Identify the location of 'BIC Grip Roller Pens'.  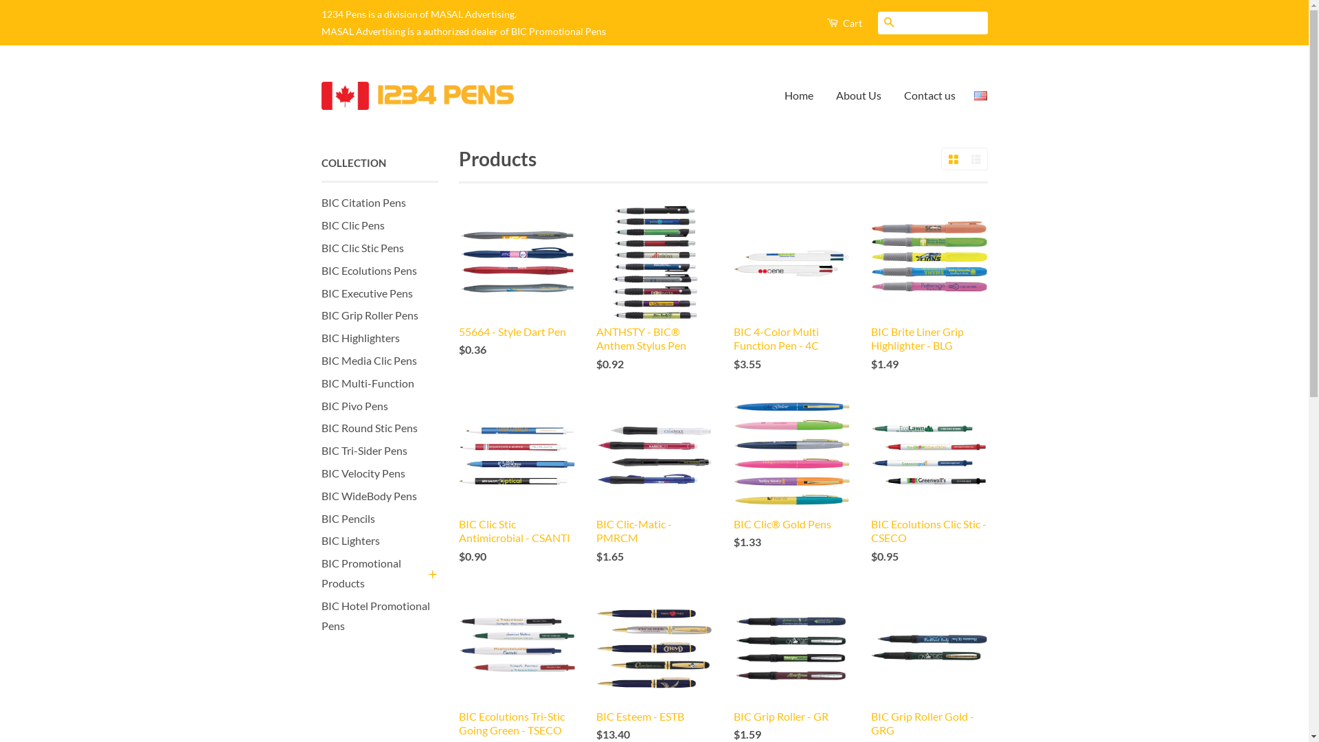
(370, 315).